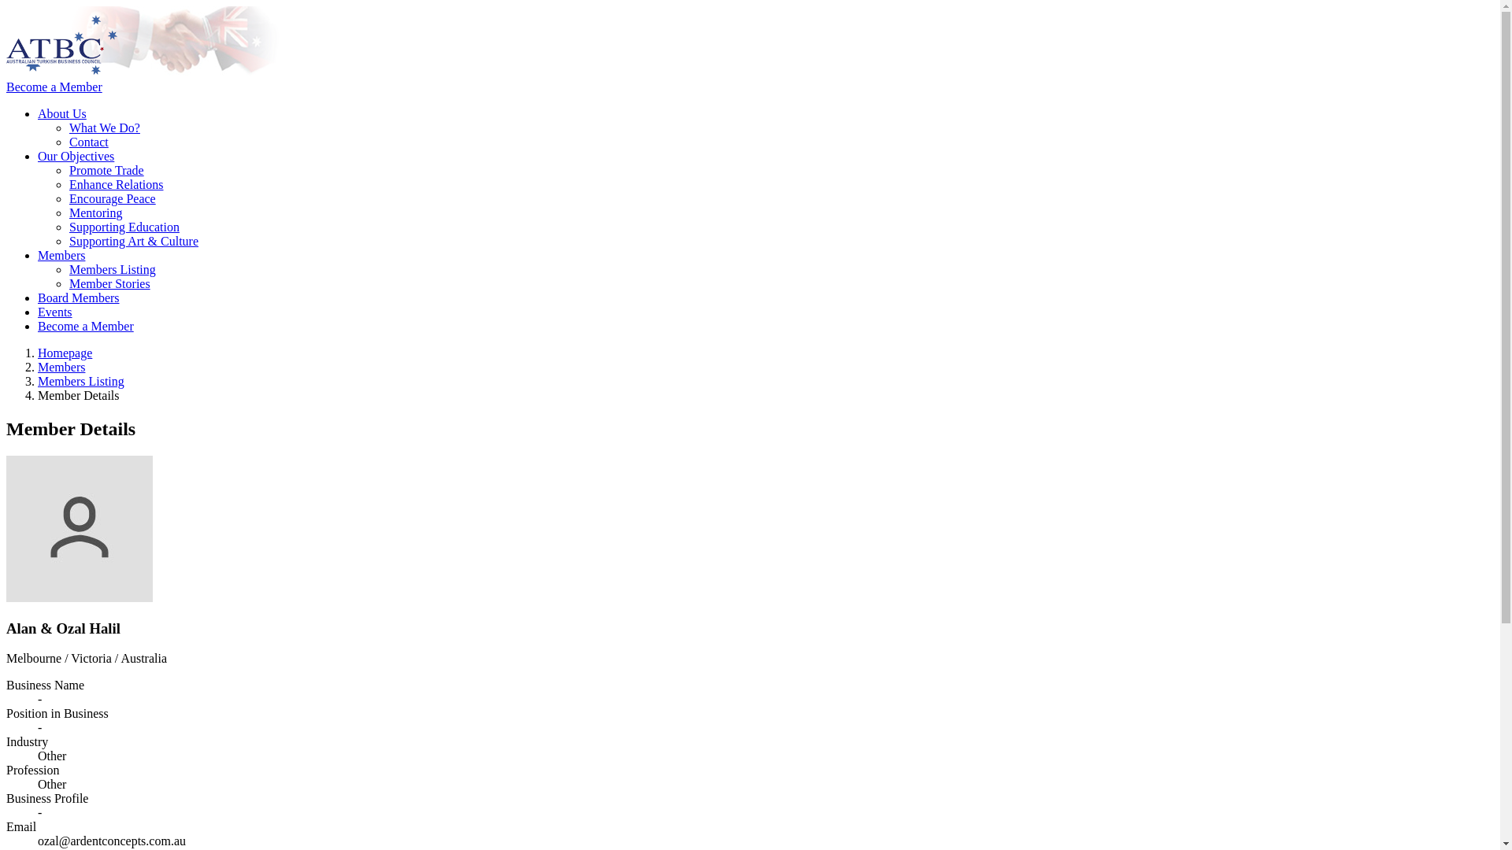 The height and width of the screenshot is (850, 1512). What do you see at coordinates (94, 213) in the screenshot?
I see `'Mentoring'` at bounding box center [94, 213].